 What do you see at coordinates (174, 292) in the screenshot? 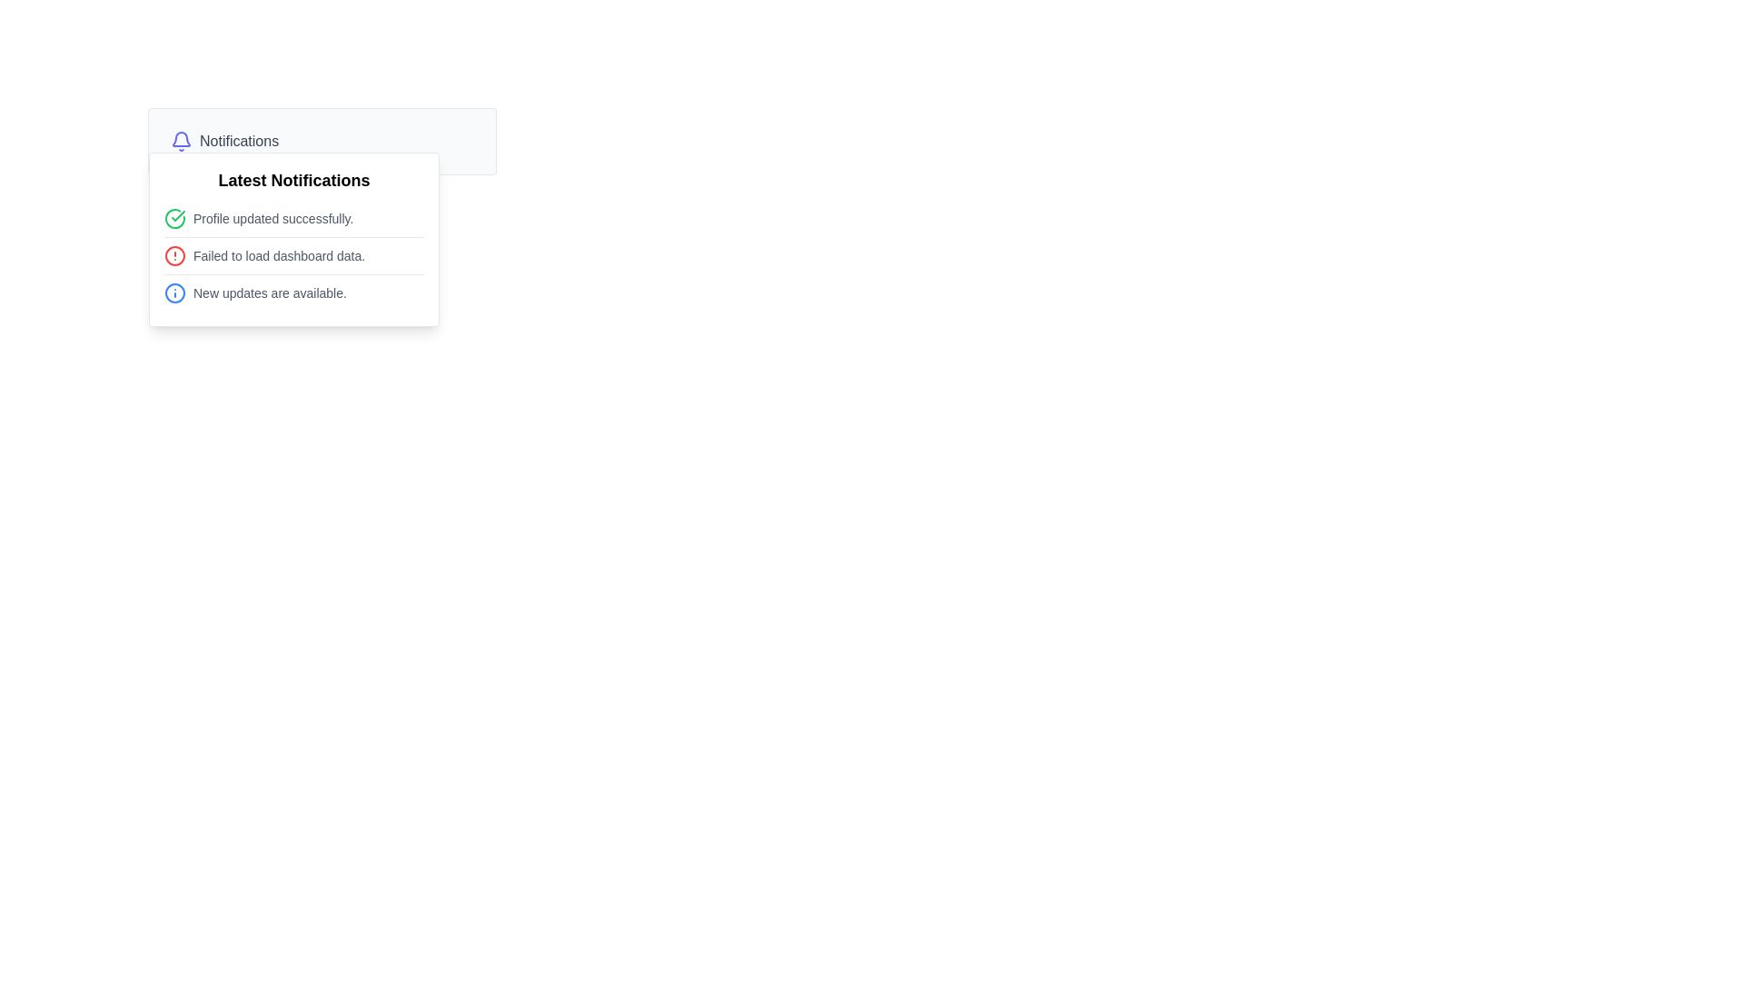
I see `the outer circle of the informational icon located in the top-left corner of the dropdown-like notification menu` at bounding box center [174, 292].